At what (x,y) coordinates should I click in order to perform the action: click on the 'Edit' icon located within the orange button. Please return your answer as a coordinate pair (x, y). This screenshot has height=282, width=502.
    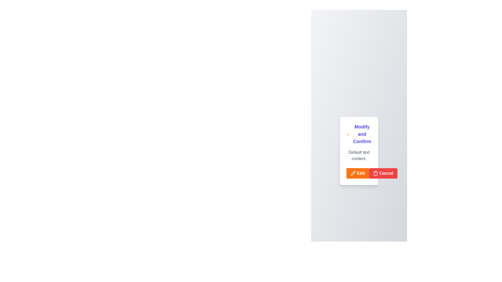
    Looking at the image, I should click on (353, 173).